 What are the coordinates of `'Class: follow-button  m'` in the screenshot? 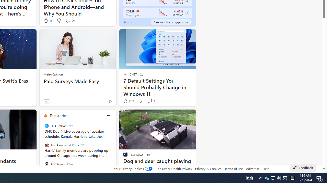 It's located at (187, 13).